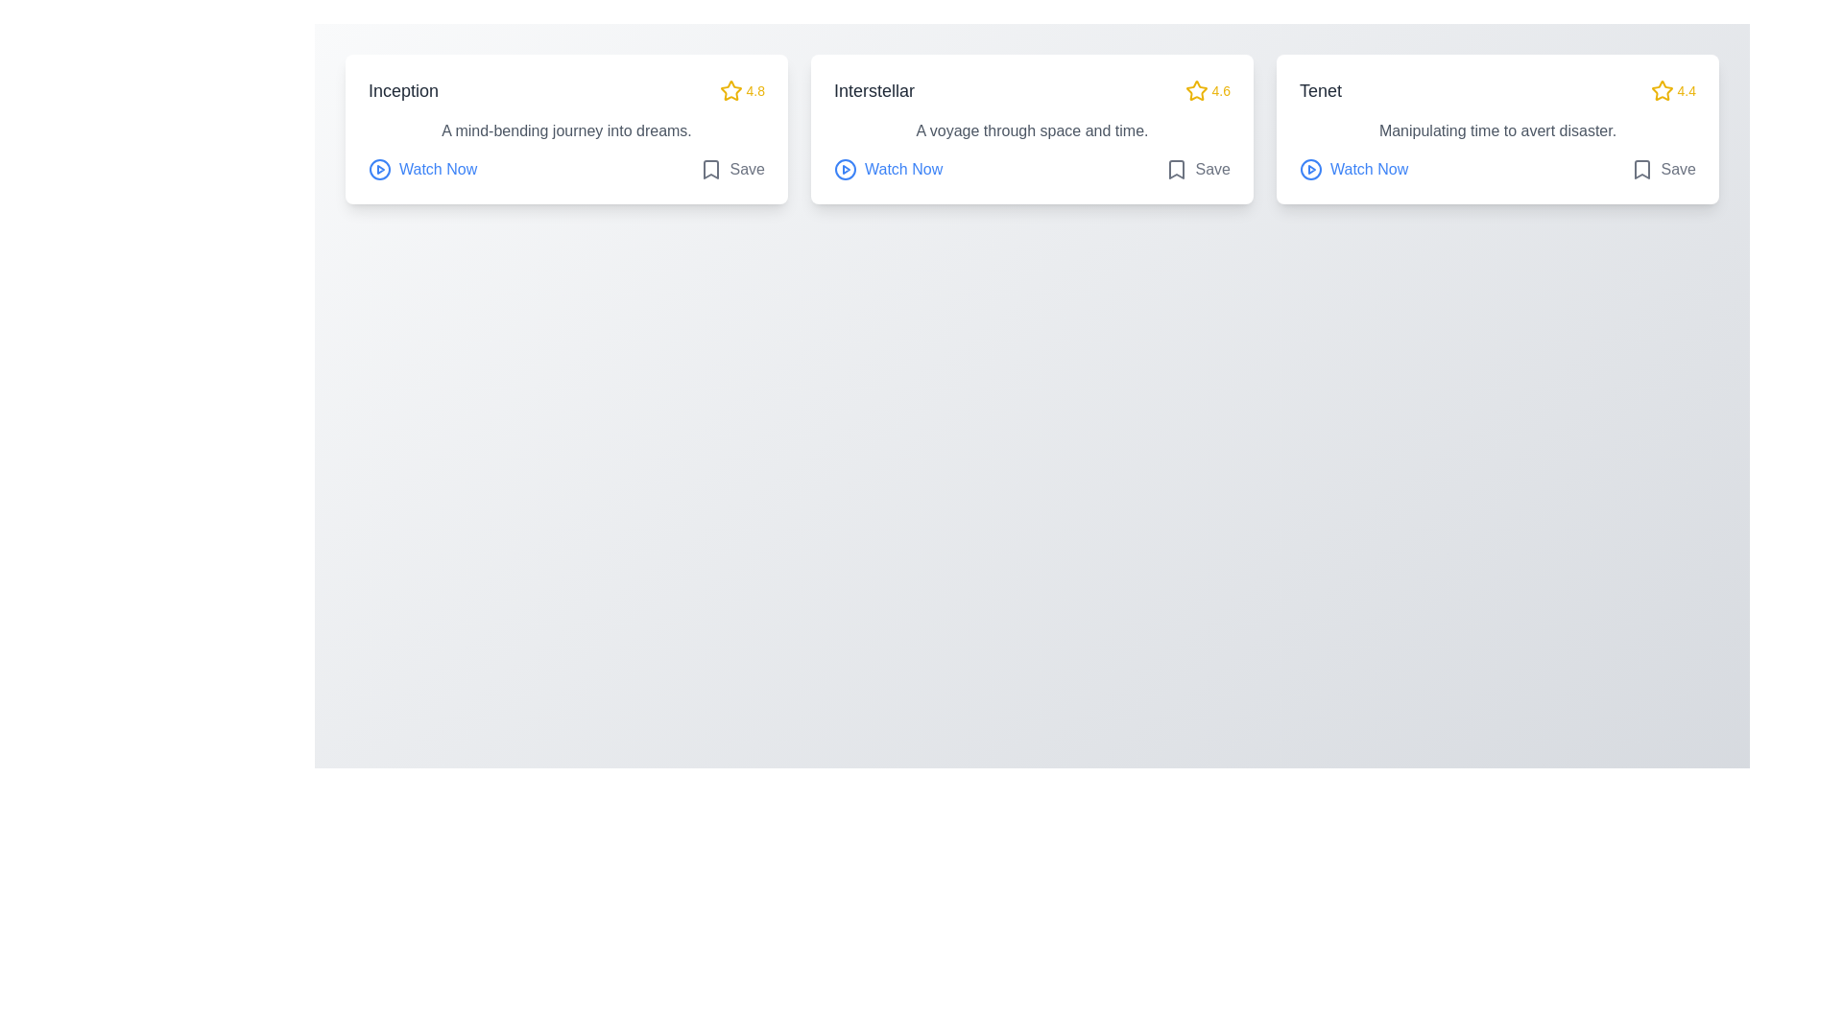  I want to click on the Rating Display element for the movie 'Interstellar', which visually indicates its quality or popularity, located at the top right corner of its card, so click(1207, 91).